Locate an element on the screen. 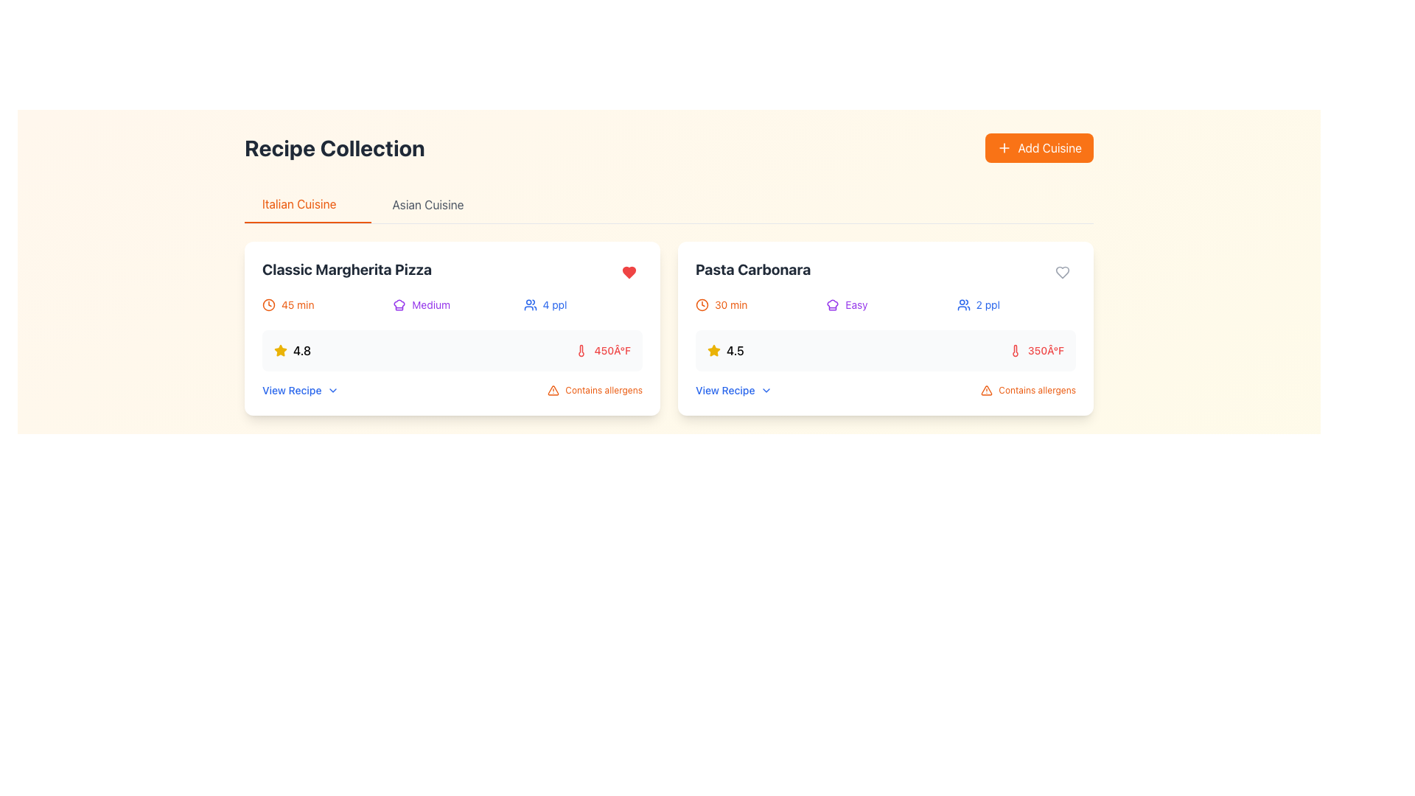 This screenshot has height=796, width=1415. the text label with an icon indicating potential allergens for the 'Pasta Carbonara' recipe, located in the bottom right corner of the card is located at coordinates (1027, 389).